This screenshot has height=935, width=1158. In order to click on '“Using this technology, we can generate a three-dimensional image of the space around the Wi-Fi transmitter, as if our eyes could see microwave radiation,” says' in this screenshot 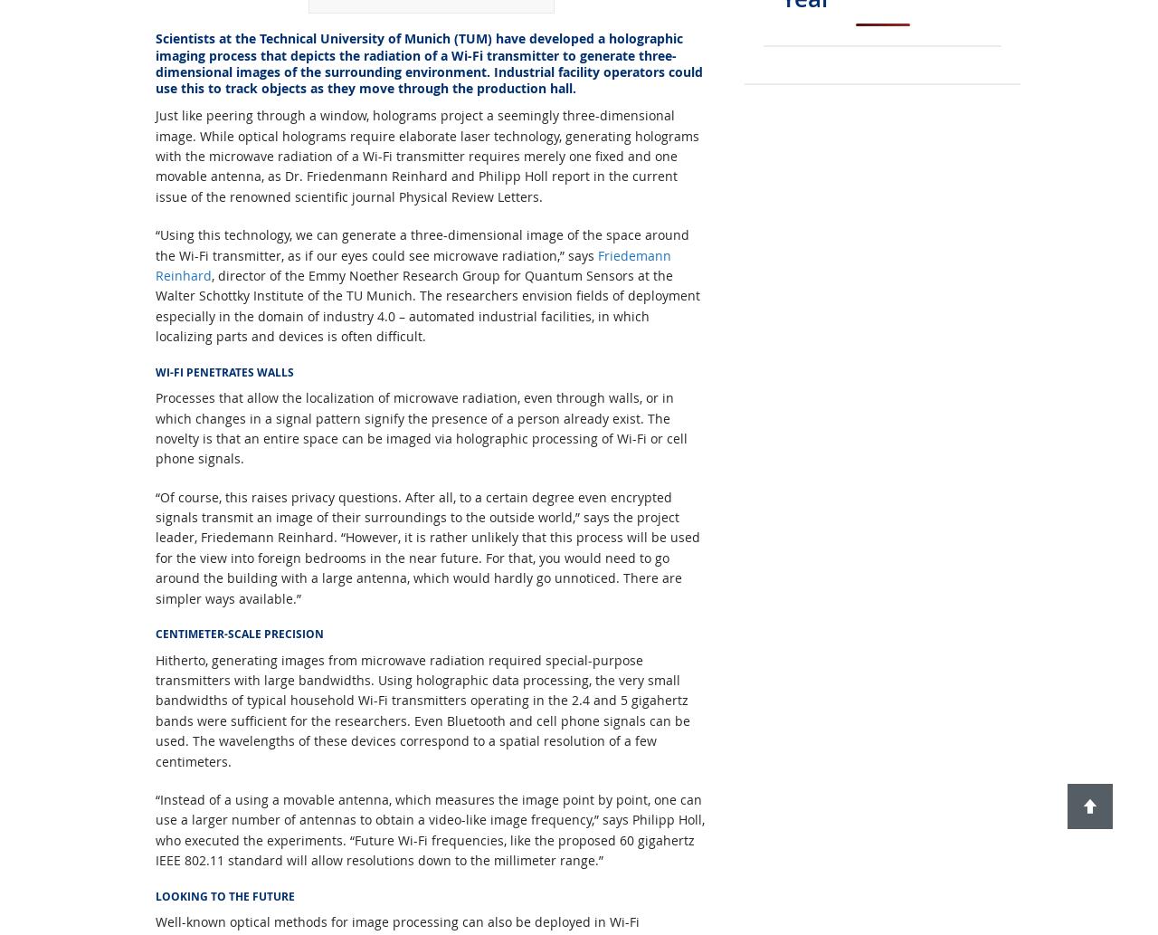, I will do `click(421, 243)`.